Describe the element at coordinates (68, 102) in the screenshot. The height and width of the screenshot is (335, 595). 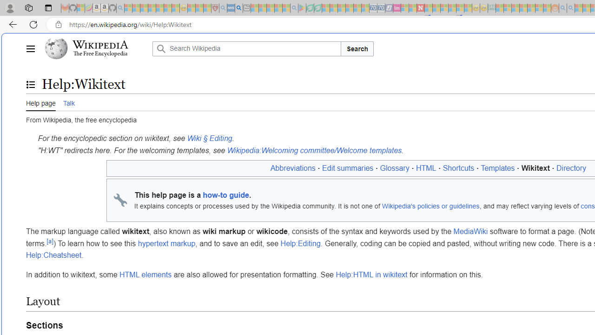
I see `'Talk'` at that location.